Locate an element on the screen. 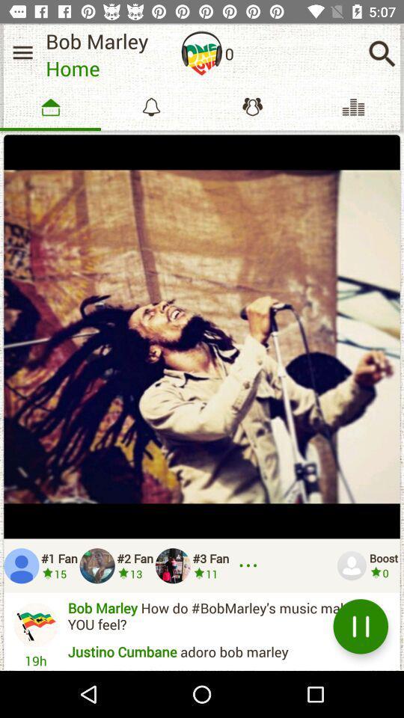 Image resolution: width=404 pixels, height=718 pixels. the profile left to 2 fan is located at coordinates (97, 565).